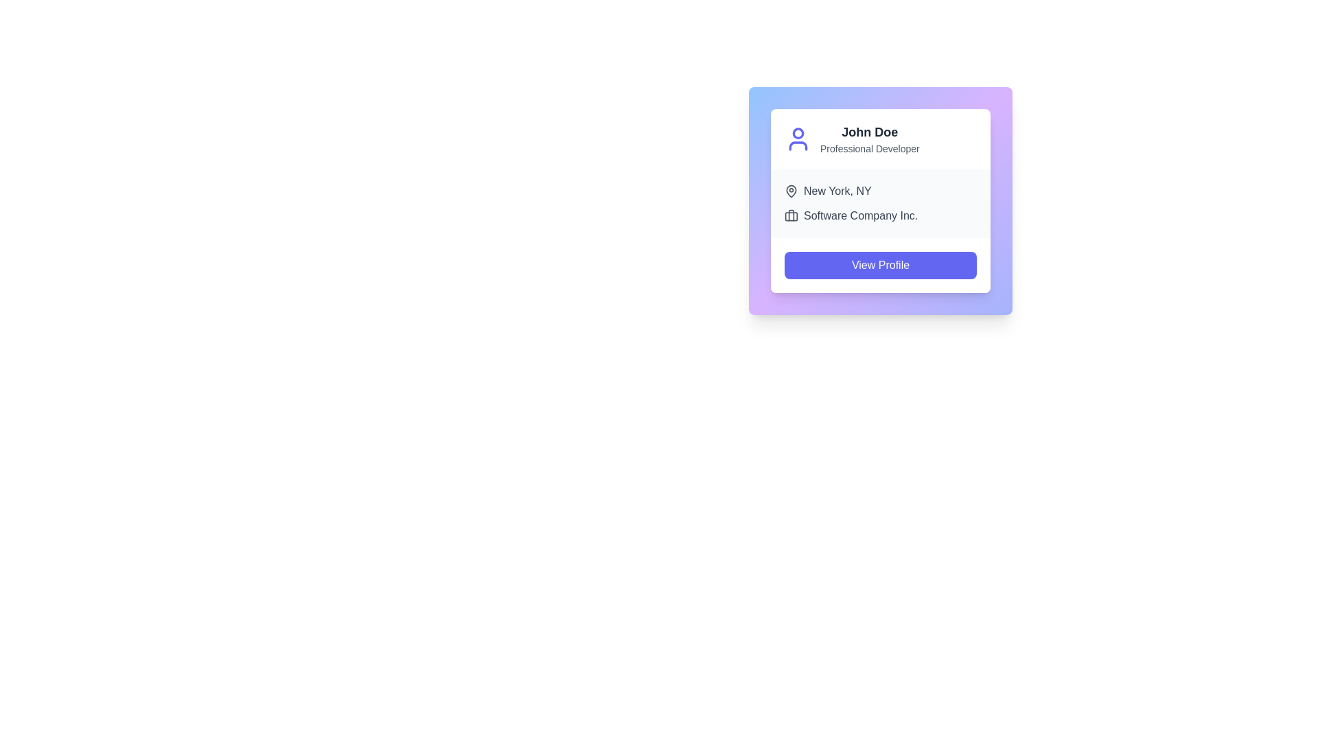  Describe the element at coordinates (798, 139) in the screenshot. I see `the profile picture placeholder icon located at the top left of the profile card adjacent to the 'John Doe' text` at that location.